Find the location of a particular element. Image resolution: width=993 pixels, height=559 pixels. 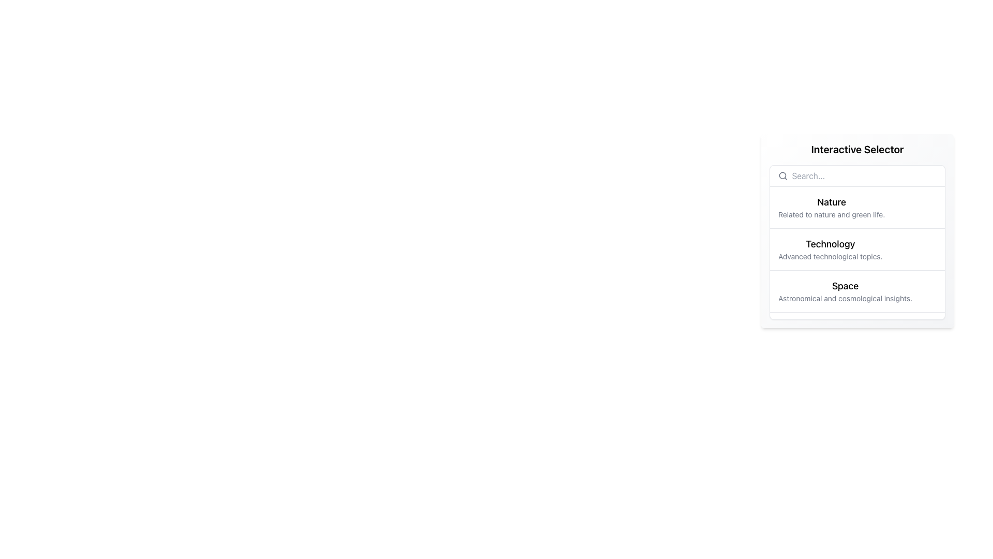

the second list item titled 'Technology' which contains the subtext 'Advanced technological topics.' is located at coordinates (857, 249).